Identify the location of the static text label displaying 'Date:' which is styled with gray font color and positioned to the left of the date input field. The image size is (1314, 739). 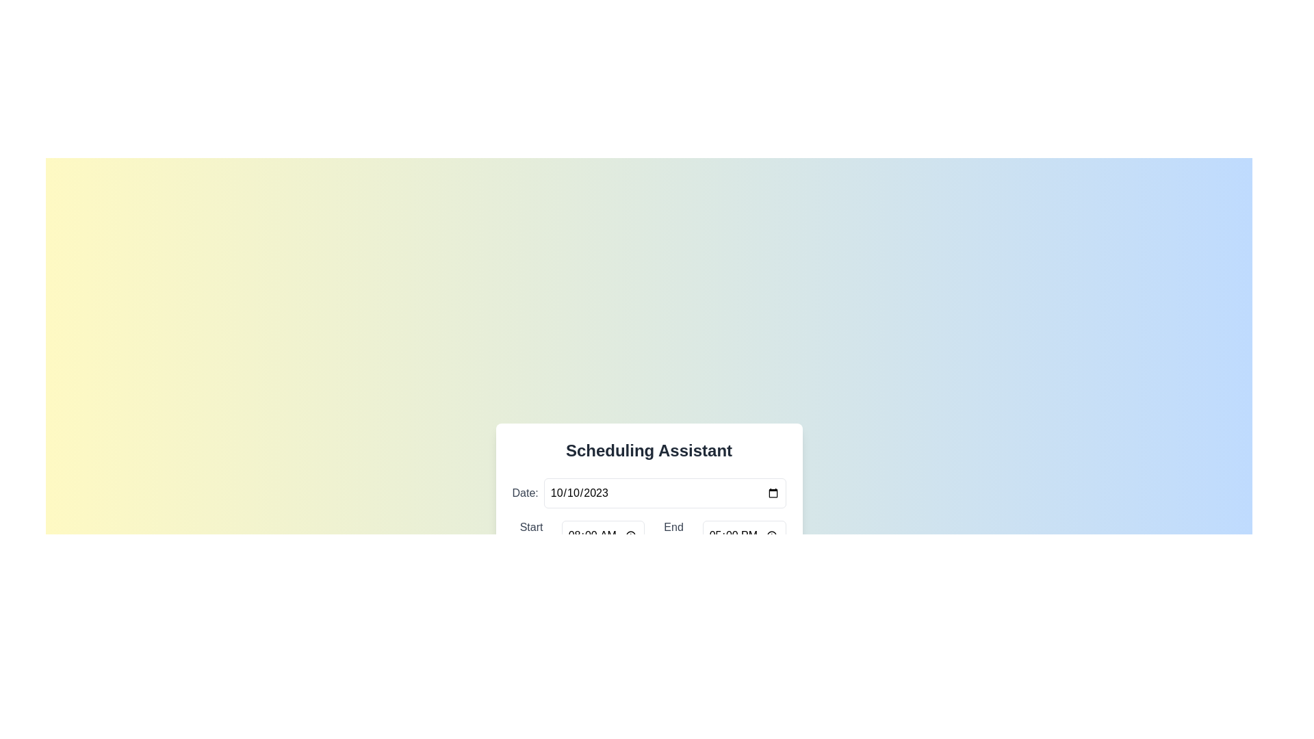
(524, 493).